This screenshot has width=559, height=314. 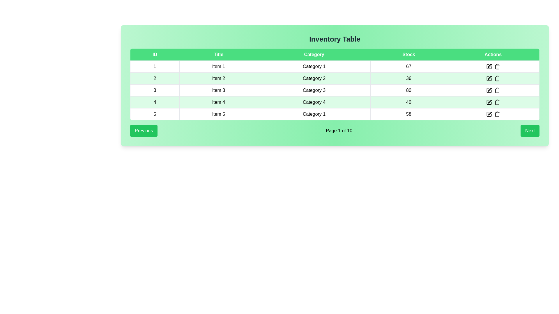 What do you see at coordinates (497, 79) in the screenshot?
I see `the trash can SVG icon in the 'Actions' column of the second row of the 'Inventory Table'` at bounding box center [497, 79].